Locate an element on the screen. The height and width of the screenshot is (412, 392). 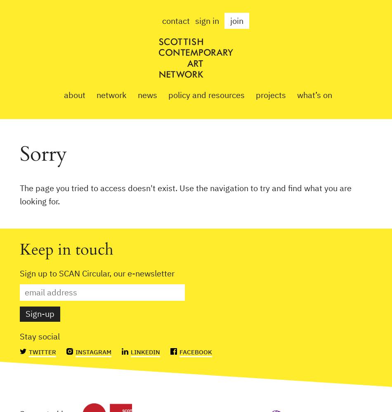
'What’s on' is located at coordinates (297, 94).